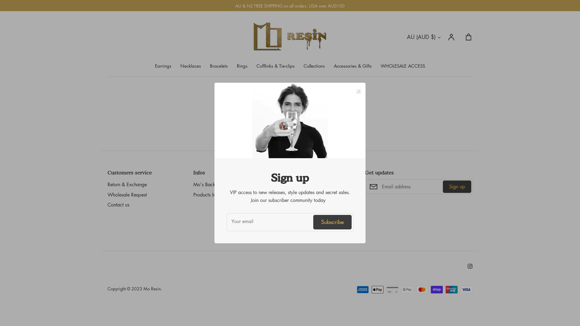 The image size is (580, 326). Describe the element at coordinates (218, 66) in the screenshot. I see `'Bracelets'` at that location.